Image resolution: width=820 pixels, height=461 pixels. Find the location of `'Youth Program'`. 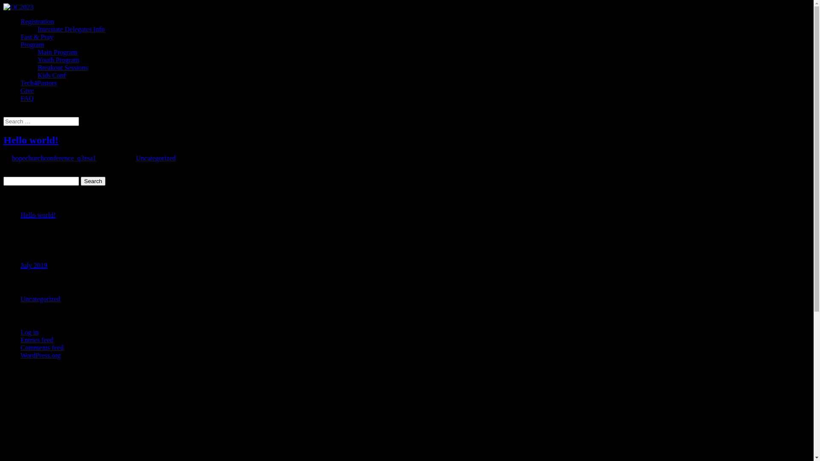

'Youth Program' is located at coordinates (58, 59).